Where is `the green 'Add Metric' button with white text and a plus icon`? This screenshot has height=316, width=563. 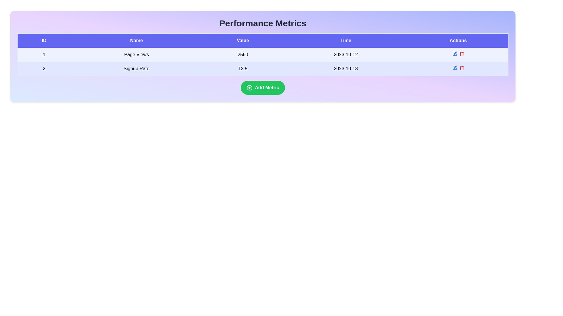
the green 'Add Metric' button with white text and a plus icon is located at coordinates (262, 88).